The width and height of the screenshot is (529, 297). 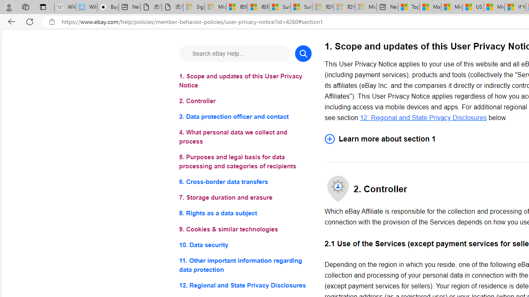 What do you see at coordinates (245, 265) in the screenshot?
I see `'11. Other important information regarding data protection'` at bounding box center [245, 265].